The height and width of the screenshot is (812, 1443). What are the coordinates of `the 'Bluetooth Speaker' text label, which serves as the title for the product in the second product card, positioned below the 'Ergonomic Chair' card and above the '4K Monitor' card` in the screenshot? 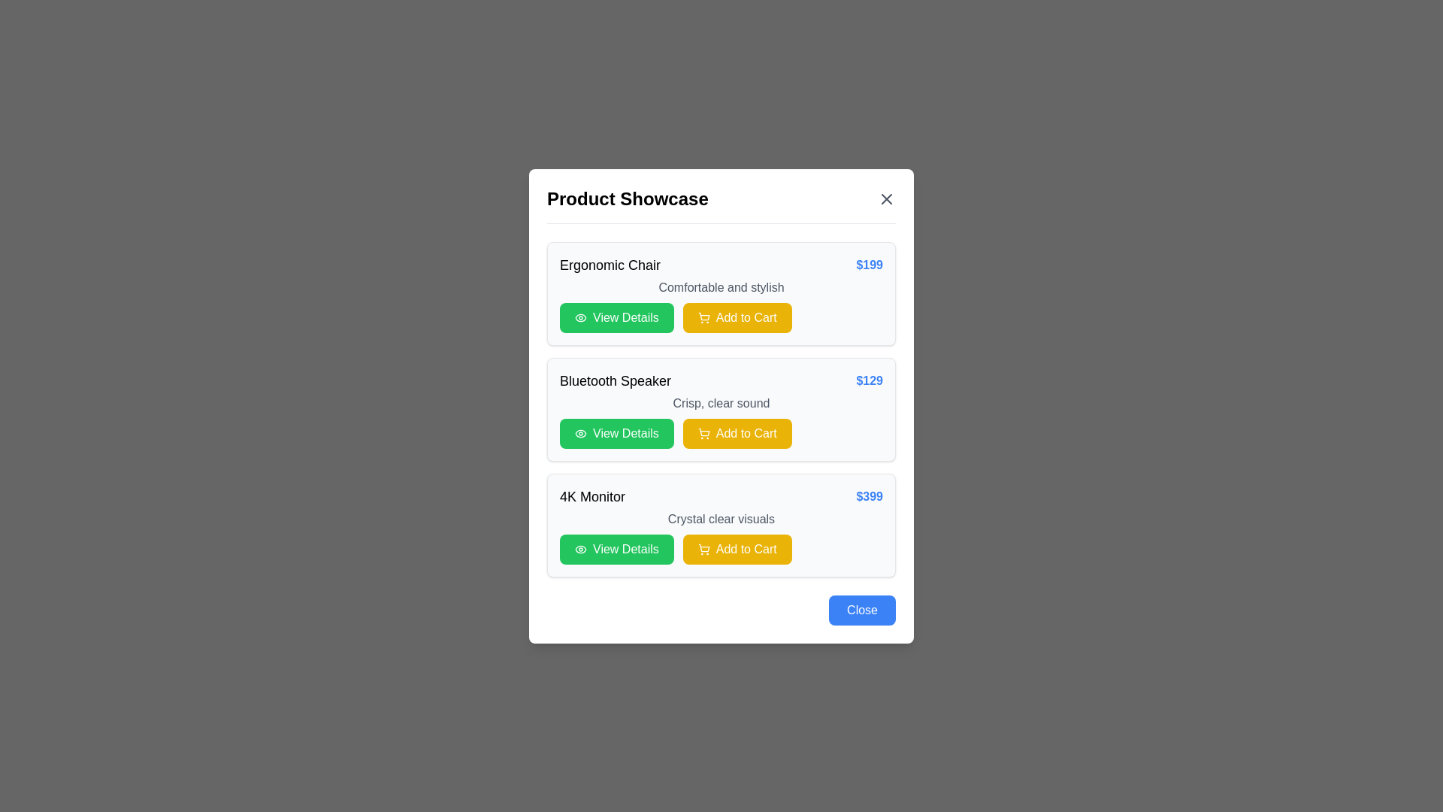 It's located at (616, 380).